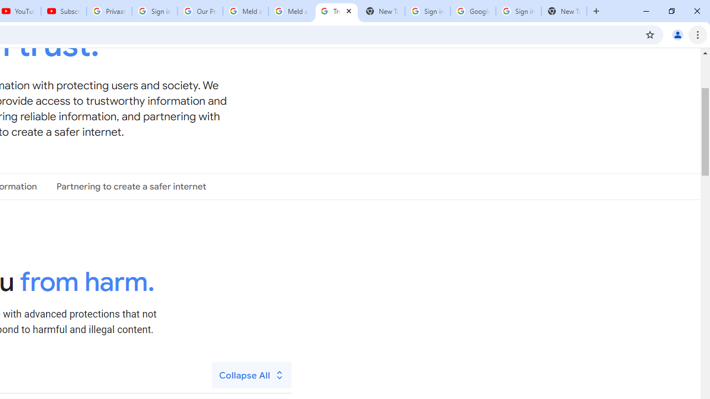 The height and width of the screenshot is (399, 710). What do you see at coordinates (564, 11) in the screenshot?
I see `'New Tab'` at bounding box center [564, 11].